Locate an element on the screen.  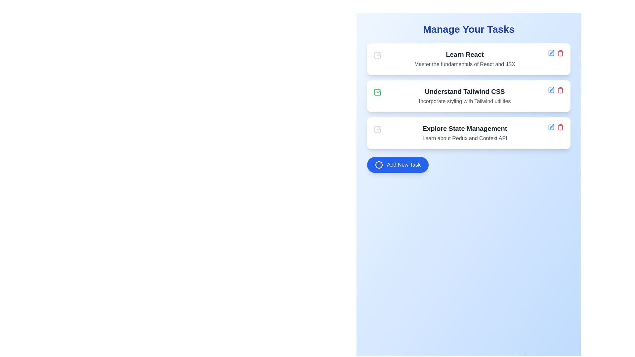
the prominent 'Learn React' text element, which is bold, large, and dark-gray, located at the top of a task card is located at coordinates (464, 54).